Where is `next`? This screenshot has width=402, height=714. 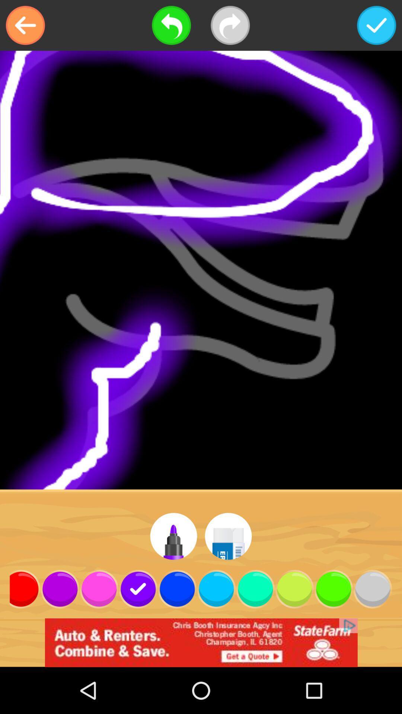 next is located at coordinates (230, 25).